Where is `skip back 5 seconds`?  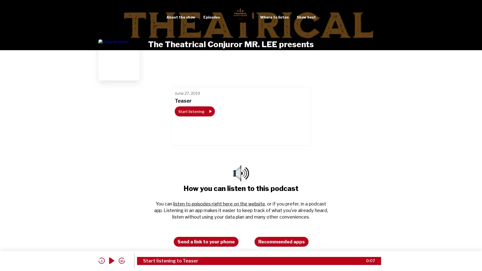
skip back 5 seconds is located at coordinates (101, 260).